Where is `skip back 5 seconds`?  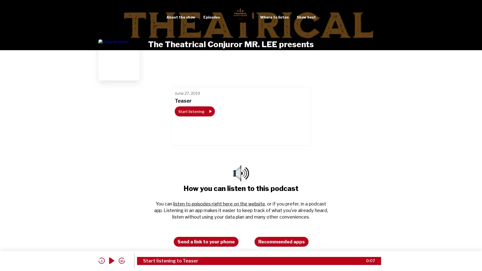
skip back 5 seconds is located at coordinates (101, 260).